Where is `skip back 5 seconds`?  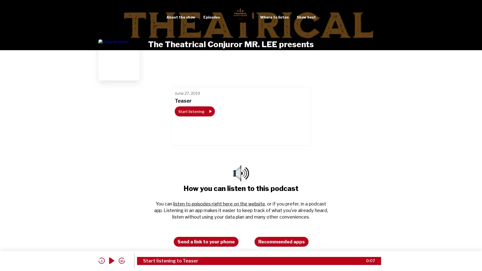
skip back 5 seconds is located at coordinates (101, 260).